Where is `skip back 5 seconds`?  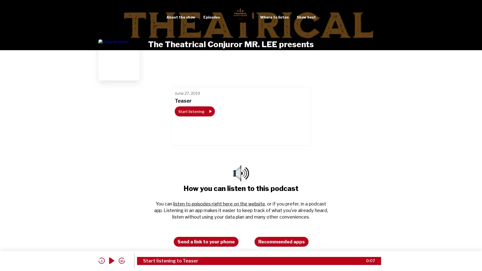
skip back 5 seconds is located at coordinates (101, 260).